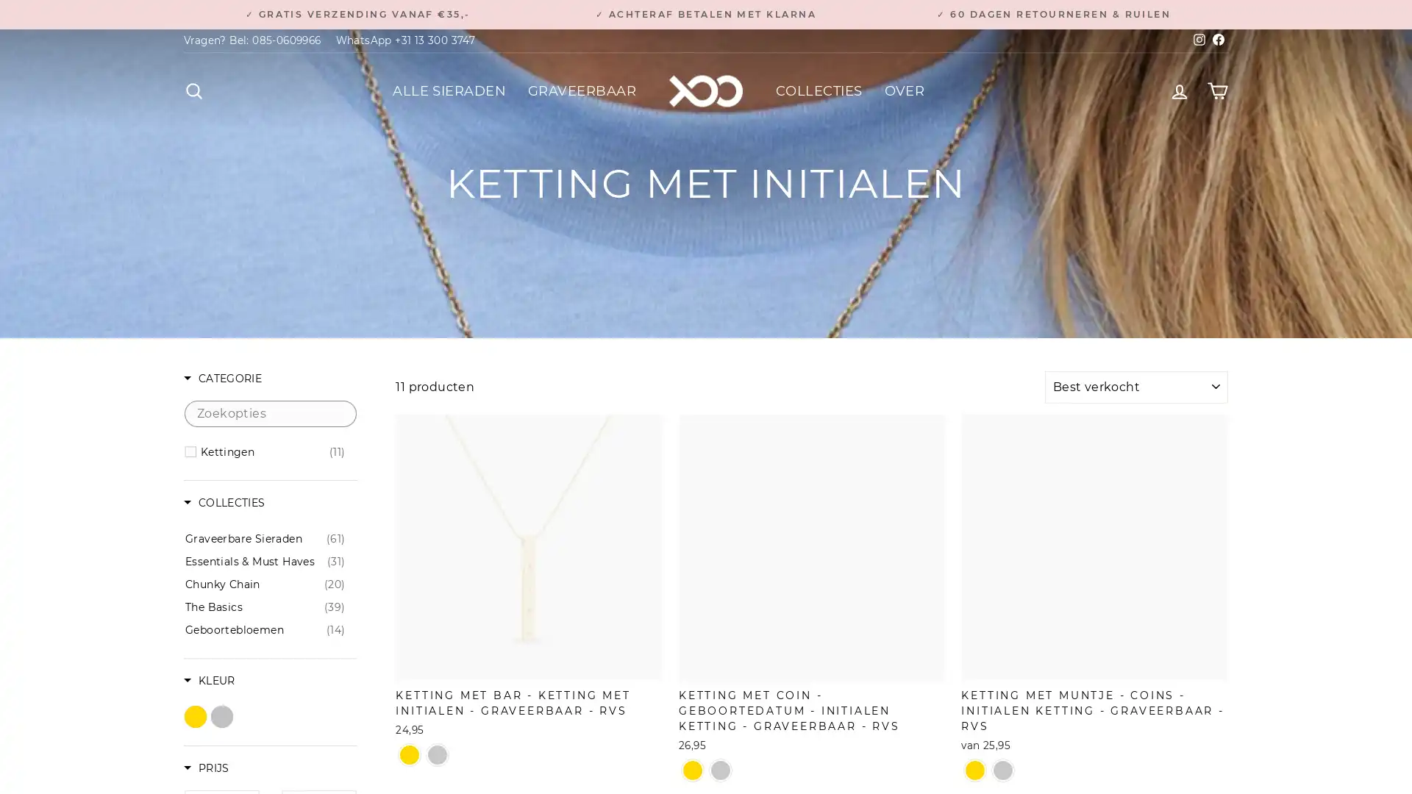 This screenshot has width=1412, height=794. Describe the element at coordinates (205, 768) in the screenshot. I see `Filter by Prijs` at that location.